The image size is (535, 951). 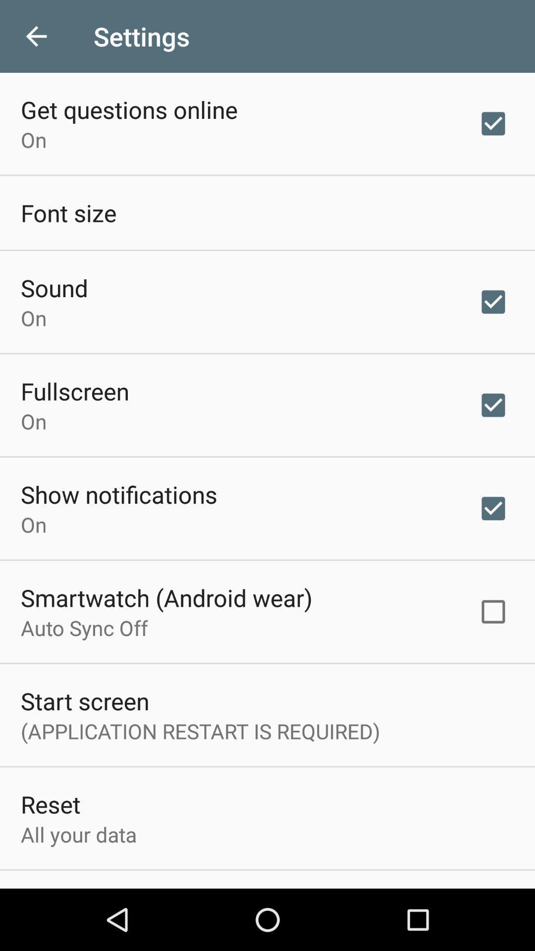 What do you see at coordinates (200, 731) in the screenshot?
I see `application restart is item` at bounding box center [200, 731].